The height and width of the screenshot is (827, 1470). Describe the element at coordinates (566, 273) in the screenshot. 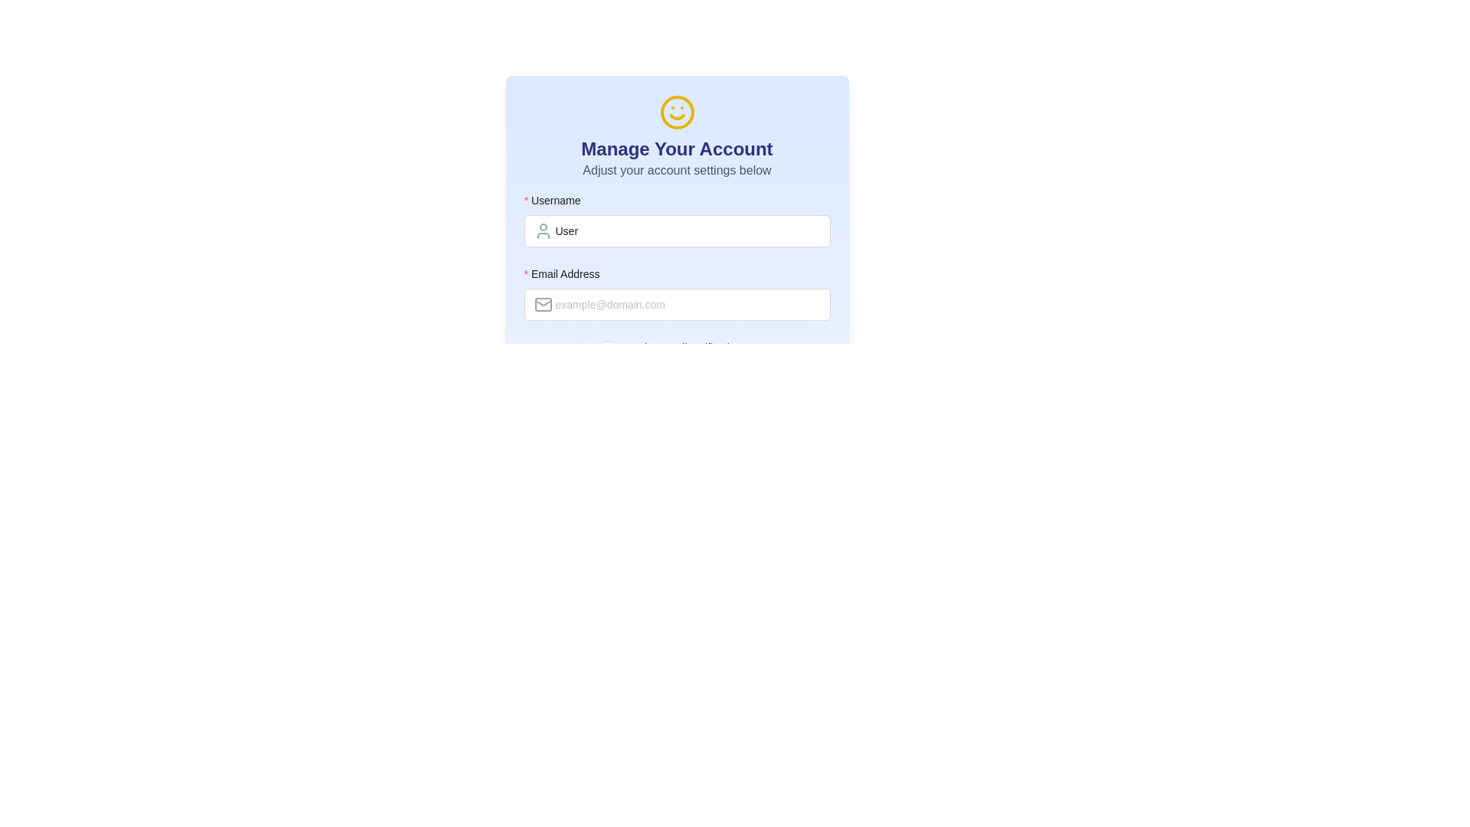

I see `the 'Email Address' static text label, which includes a red asterisk indicating a required field, positioned above the associated input field in the form layout` at that location.